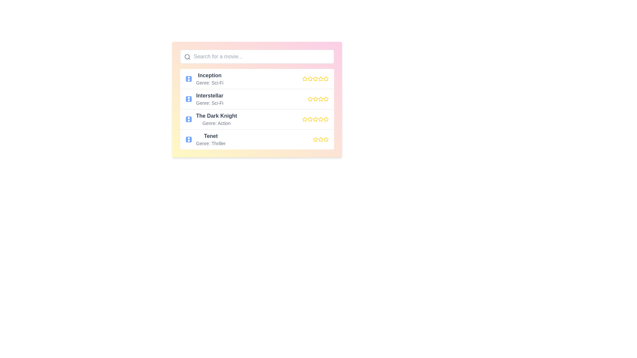  I want to click on the text label displaying the genre 'Sci-Fi' for the movie 'Interstellar', which is located directly beneath the title 'Interstellar' in the list of entries, so click(209, 103).